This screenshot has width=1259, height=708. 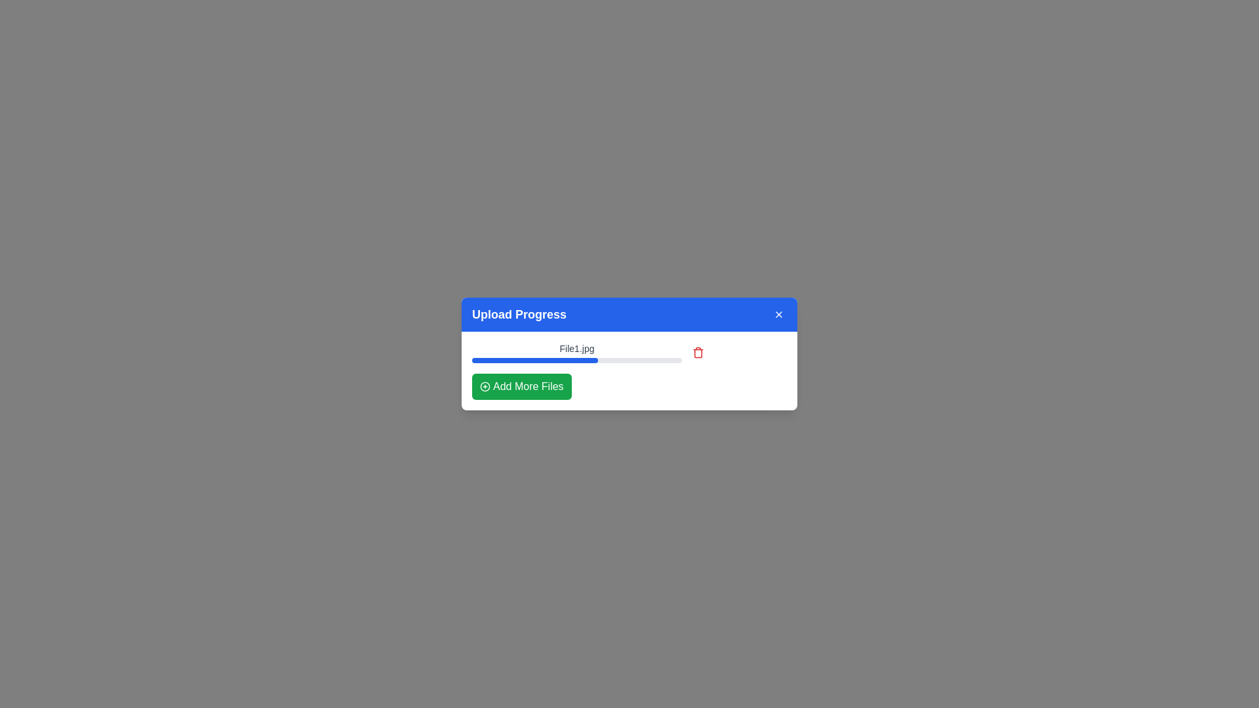 What do you see at coordinates (576, 348) in the screenshot?
I see `the text label displaying the filename 'File1.jpg'` at bounding box center [576, 348].